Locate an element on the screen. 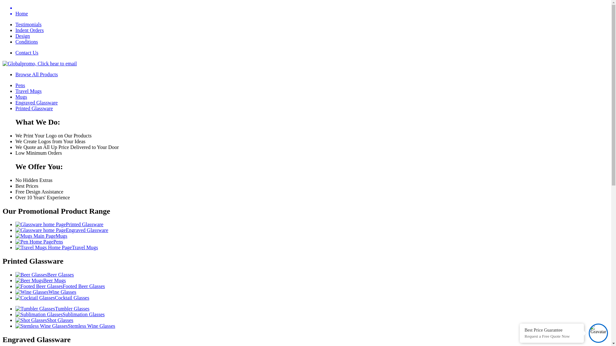  'Mugs' is located at coordinates (21, 97).